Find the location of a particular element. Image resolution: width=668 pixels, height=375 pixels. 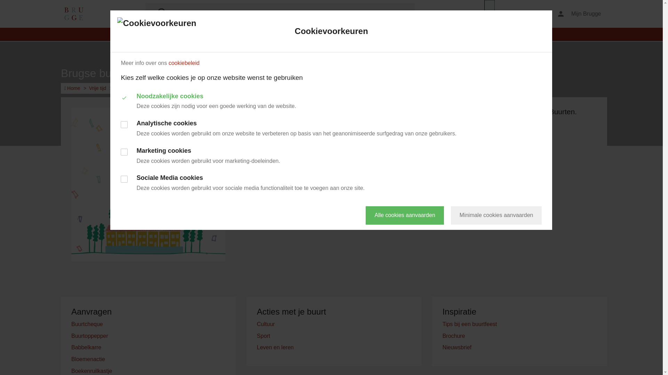

'Alle cookies aanvaarden' is located at coordinates (365, 215).